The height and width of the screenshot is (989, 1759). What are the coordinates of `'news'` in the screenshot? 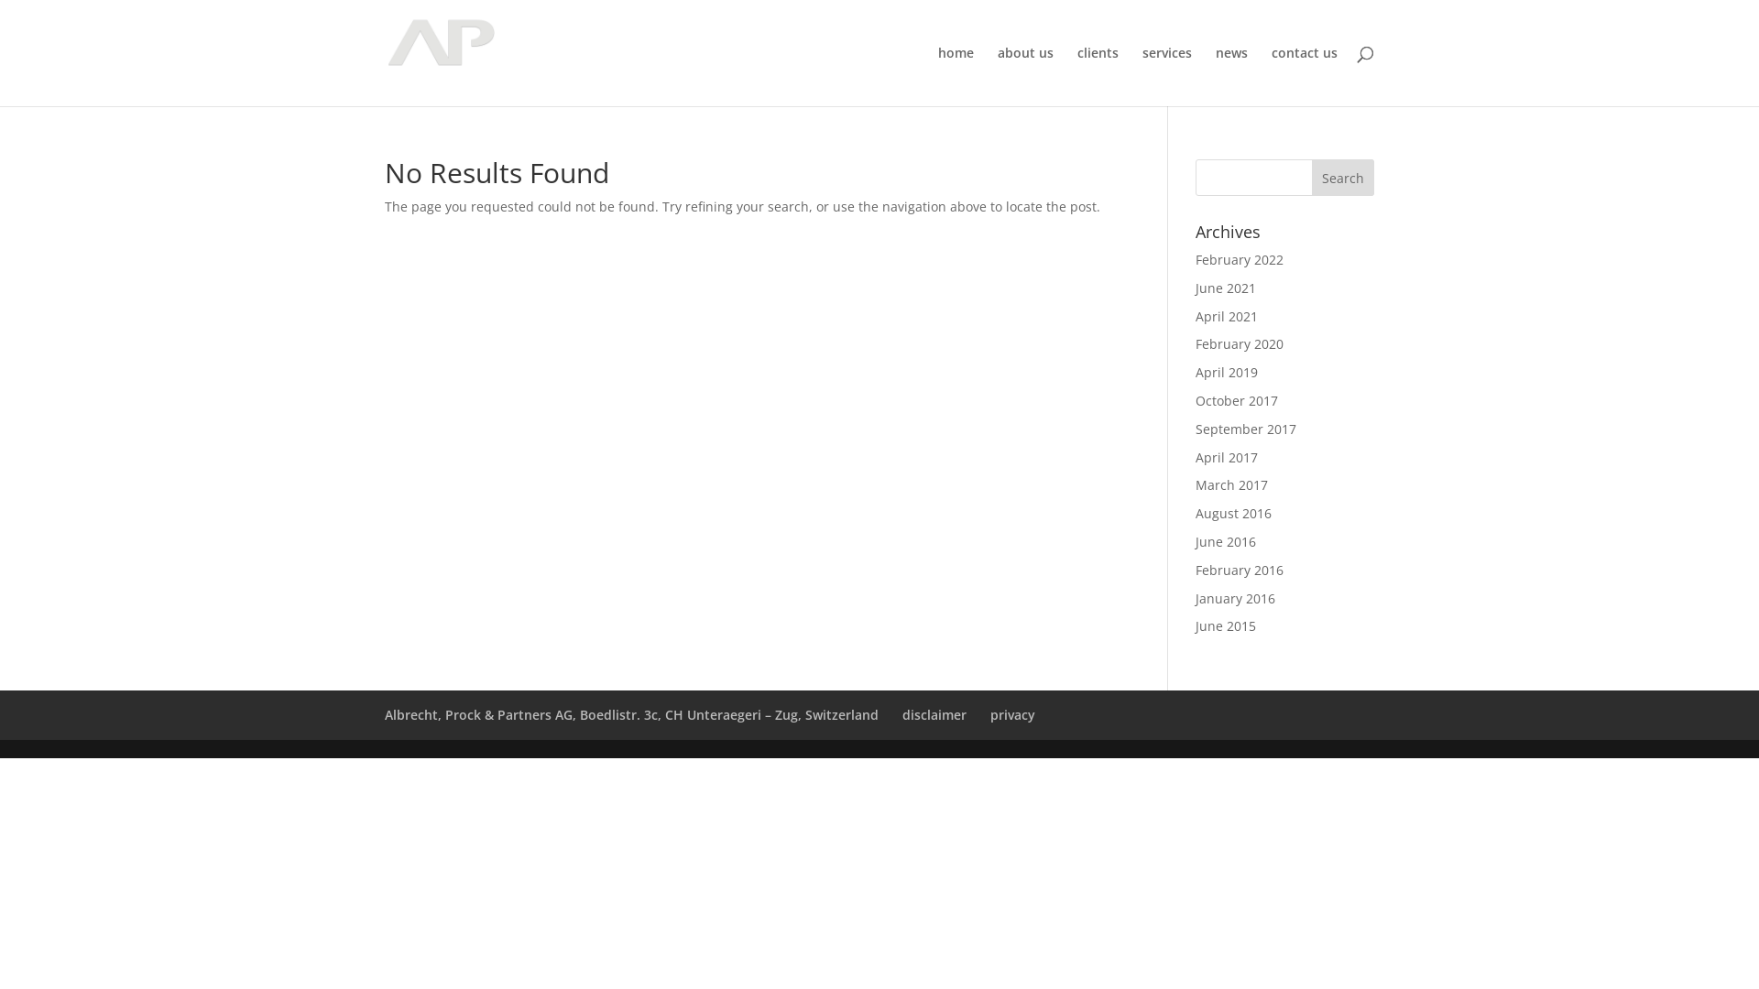 It's located at (1231, 75).